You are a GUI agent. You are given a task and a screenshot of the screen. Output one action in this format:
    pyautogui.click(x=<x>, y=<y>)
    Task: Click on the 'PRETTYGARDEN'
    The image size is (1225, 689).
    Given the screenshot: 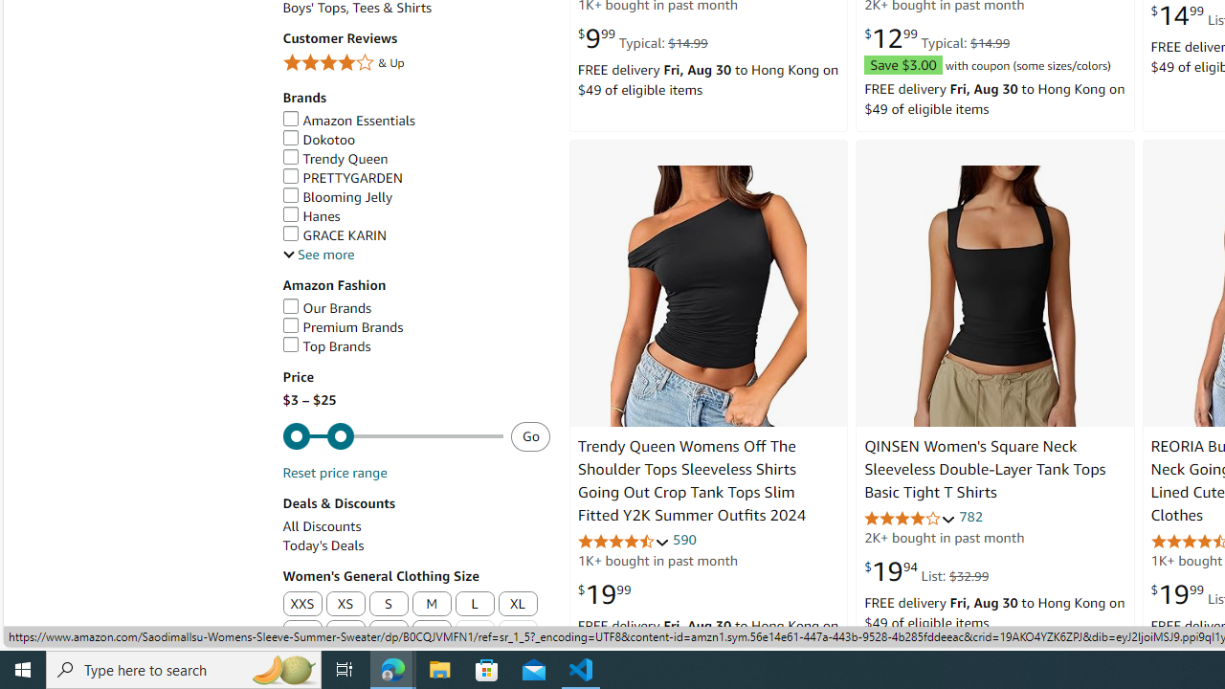 What is the action you would take?
    pyautogui.click(x=342, y=177)
    